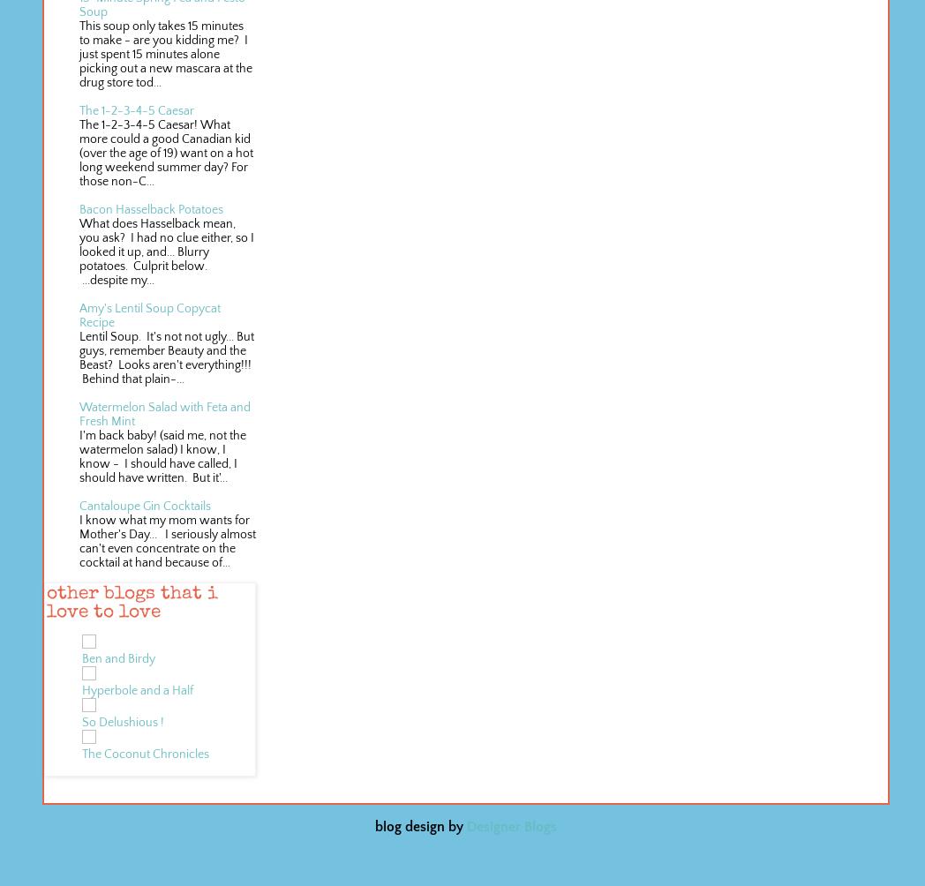  Describe the element at coordinates (118, 657) in the screenshot. I see `'Ben and Birdy'` at that location.